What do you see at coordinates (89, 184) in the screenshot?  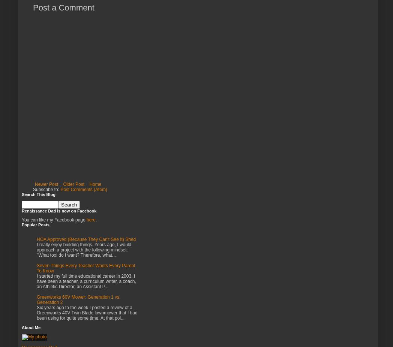 I see `'Home'` at bounding box center [89, 184].